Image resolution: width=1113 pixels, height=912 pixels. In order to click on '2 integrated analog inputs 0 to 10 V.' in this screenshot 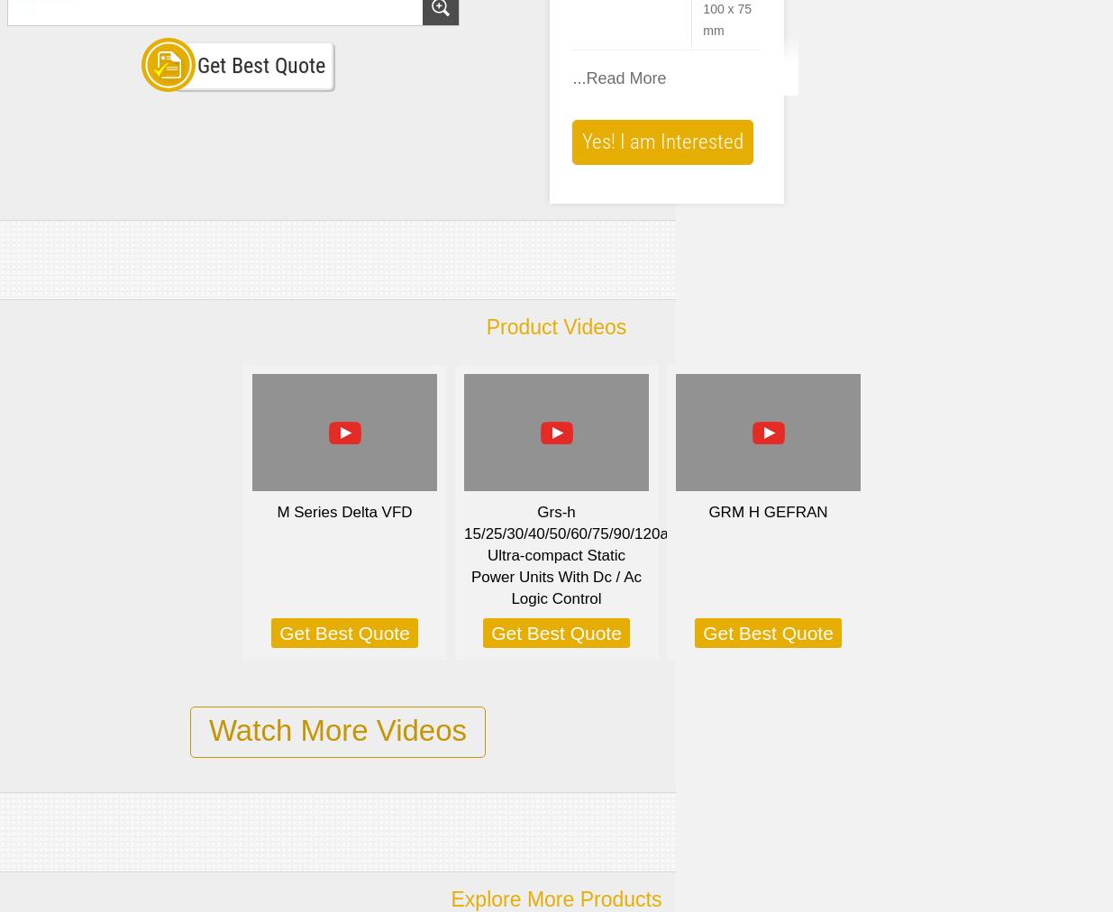, I will do `click(679, 677)`.